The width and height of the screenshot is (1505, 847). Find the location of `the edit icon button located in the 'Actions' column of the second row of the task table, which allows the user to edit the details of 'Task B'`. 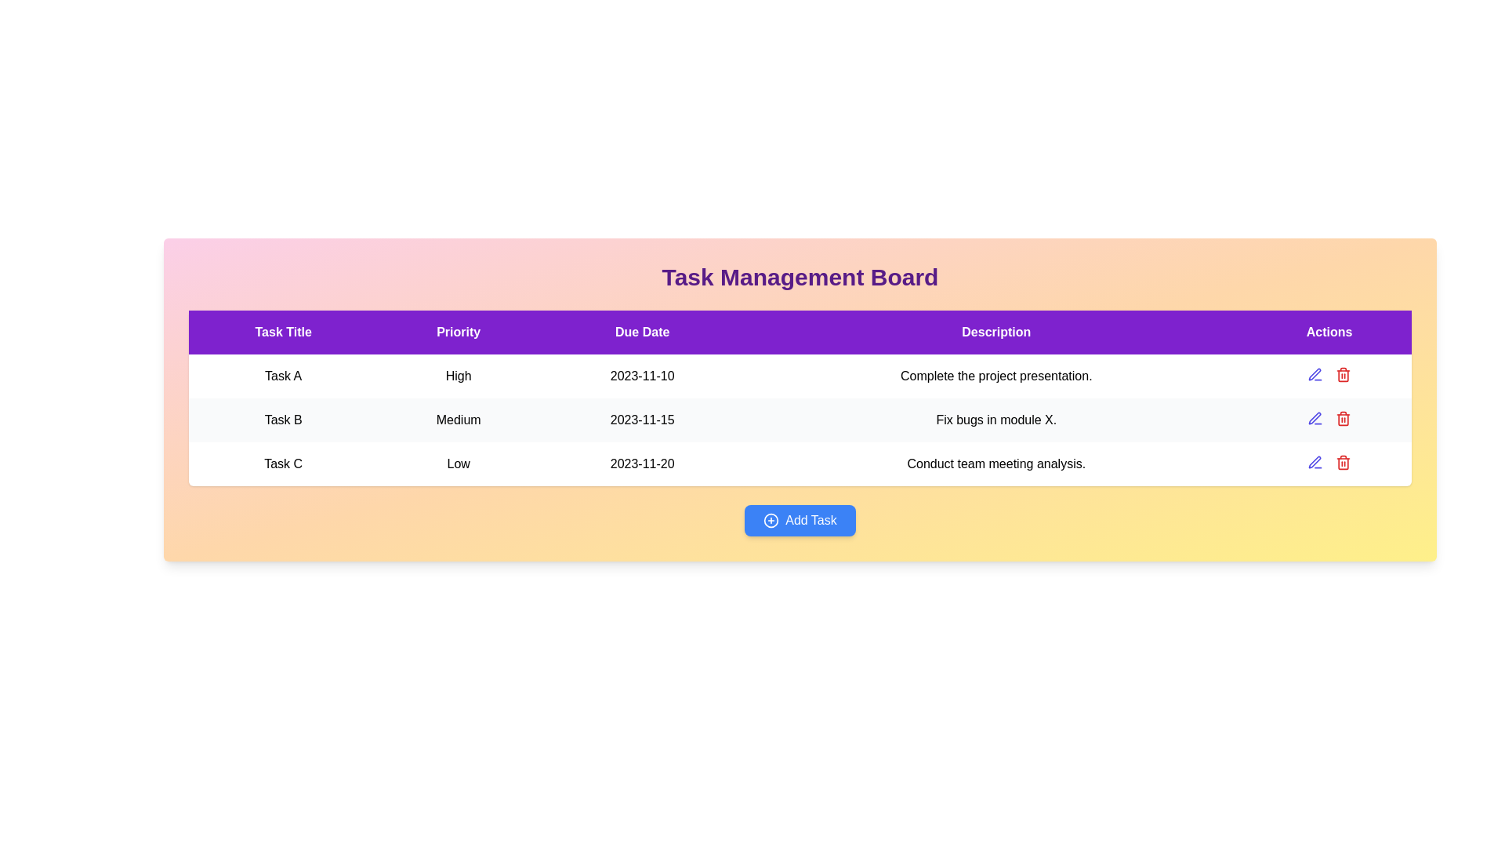

the edit icon button located in the 'Actions' column of the second row of the task table, which allows the user to edit the details of 'Task B' is located at coordinates (1315, 375).